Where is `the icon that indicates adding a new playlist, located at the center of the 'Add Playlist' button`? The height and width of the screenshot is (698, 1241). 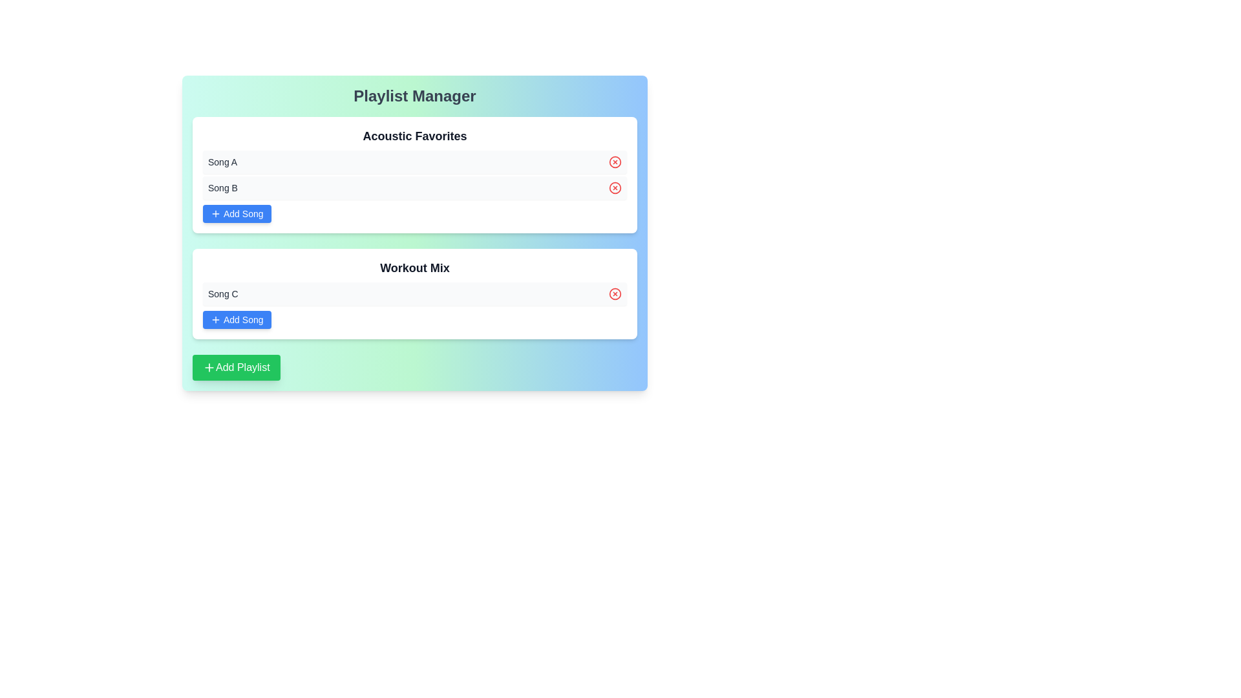
the icon that indicates adding a new playlist, located at the center of the 'Add Playlist' button is located at coordinates (209, 368).